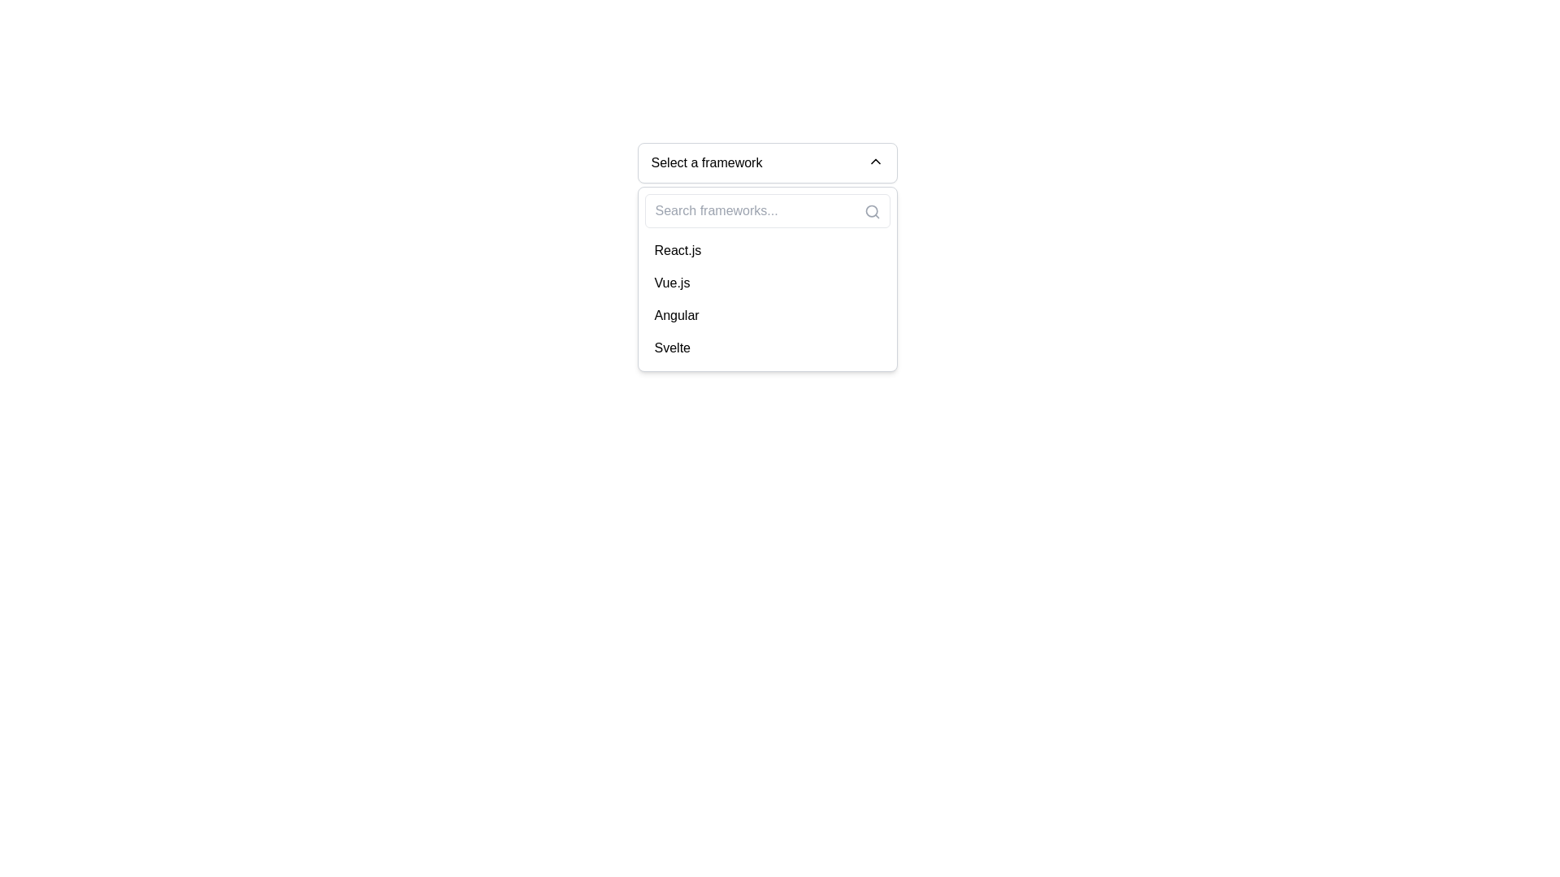  I want to click on the 'Svelte' framework option in the dropdown menu, which is the last item in the list below 'Angular', so click(766, 347).